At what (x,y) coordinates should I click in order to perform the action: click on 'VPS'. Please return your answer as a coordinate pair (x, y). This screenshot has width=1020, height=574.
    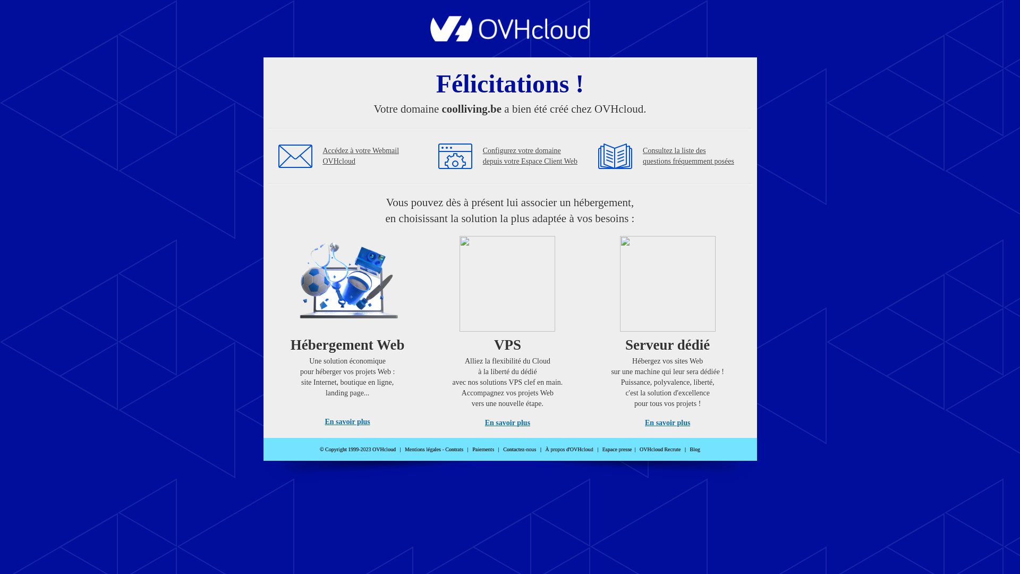
    Looking at the image, I should click on (507, 328).